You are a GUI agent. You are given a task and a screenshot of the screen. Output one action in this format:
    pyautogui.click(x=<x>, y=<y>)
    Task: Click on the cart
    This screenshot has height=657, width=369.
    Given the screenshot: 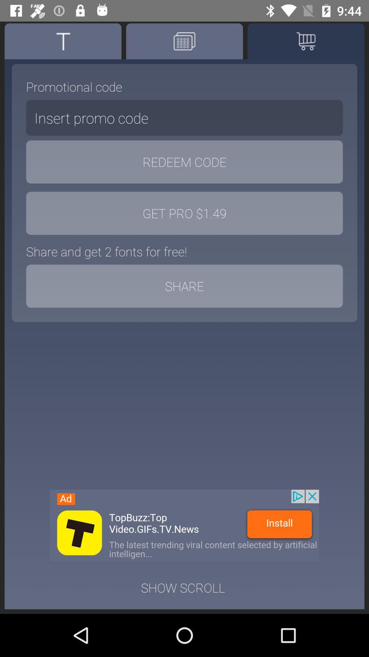 What is the action you would take?
    pyautogui.click(x=305, y=41)
    